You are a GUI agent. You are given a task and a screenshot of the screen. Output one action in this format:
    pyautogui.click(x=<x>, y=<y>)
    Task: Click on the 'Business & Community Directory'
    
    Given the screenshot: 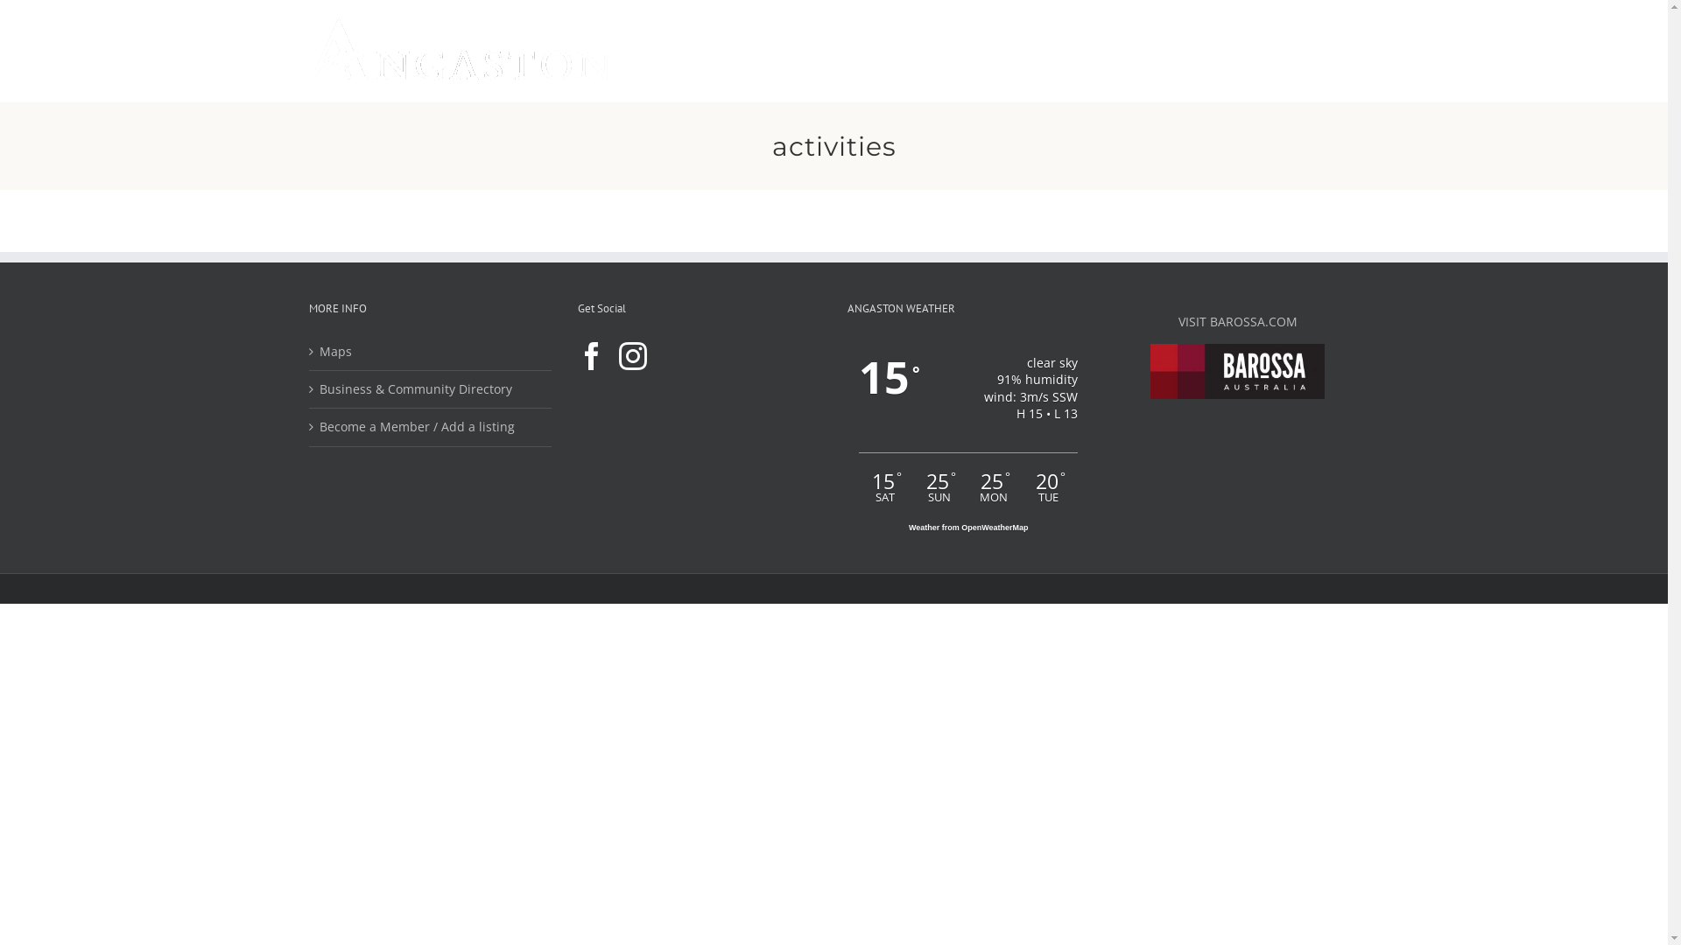 What is the action you would take?
    pyautogui.click(x=430, y=388)
    